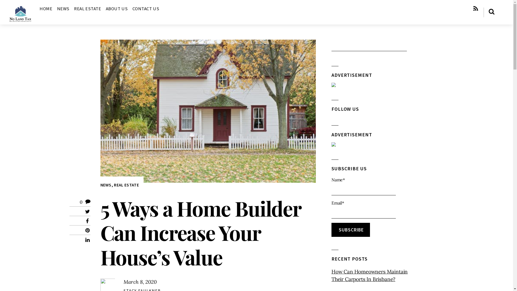  What do you see at coordinates (87, 221) in the screenshot?
I see `'Facebook'` at bounding box center [87, 221].